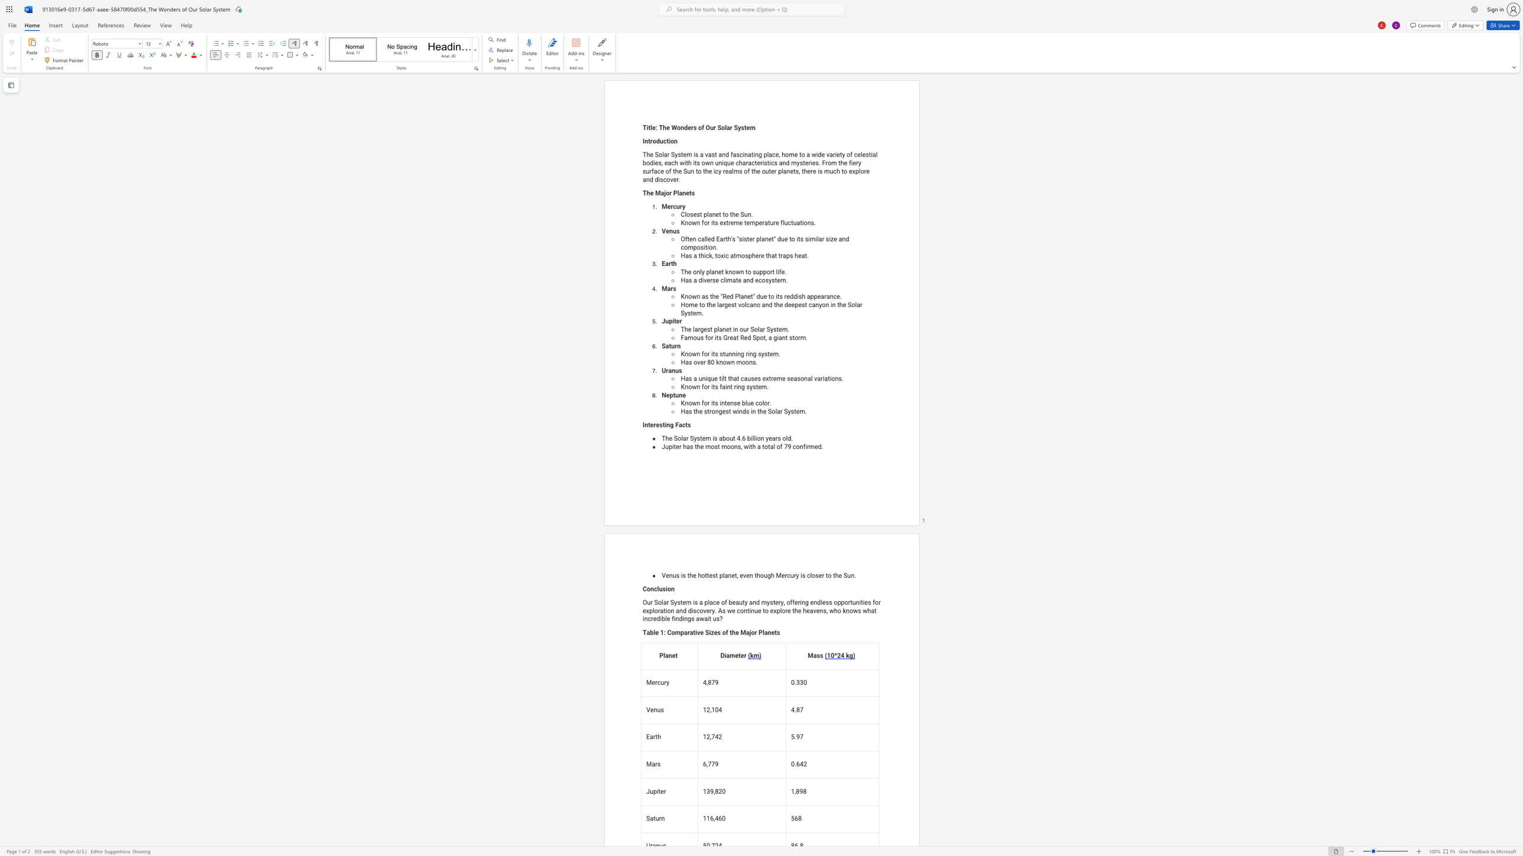 The width and height of the screenshot is (1523, 856). What do you see at coordinates (857, 162) in the screenshot?
I see `the subset text "y surface of th" within the text "The Solar System is a vast and fascinating place, home to a wide variety of celestial bodies, each with its own unique characteristics and mysteries. From the fiery surface of the Sun to the icy realms of the outer planets, there is much to explore and discover."` at bounding box center [857, 162].